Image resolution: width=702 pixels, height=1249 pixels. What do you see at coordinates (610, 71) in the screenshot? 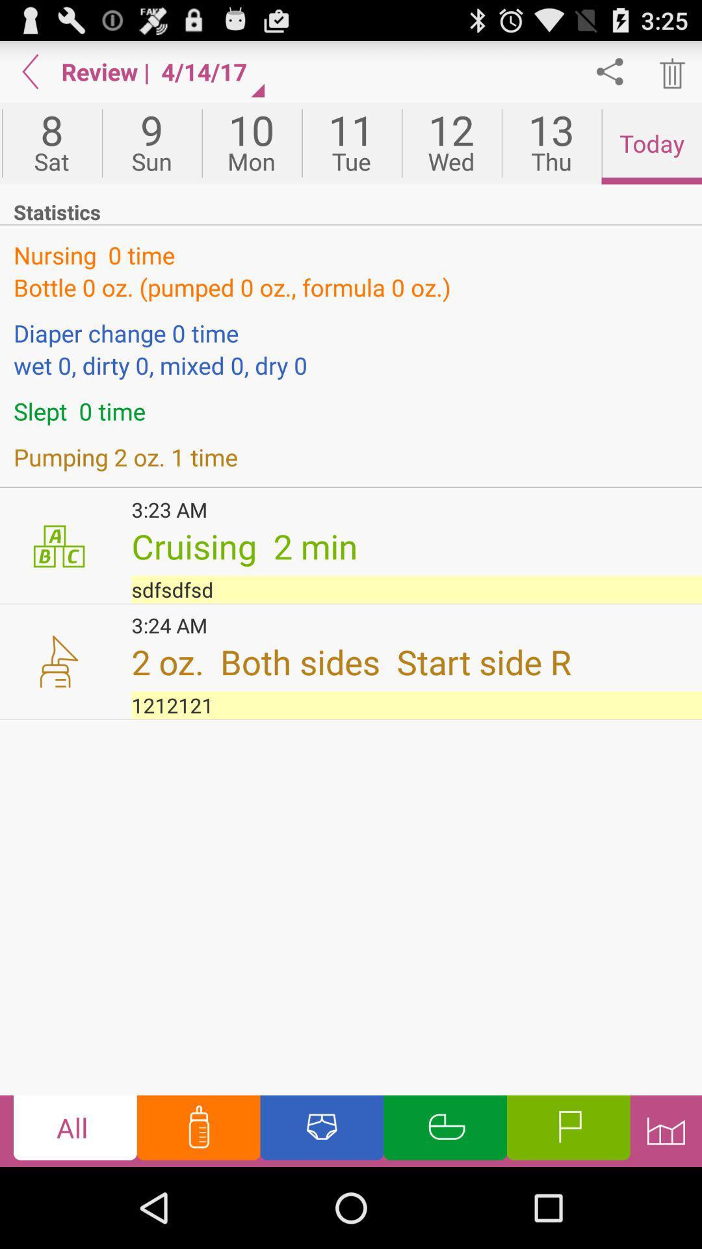
I see `click share option` at bounding box center [610, 71].